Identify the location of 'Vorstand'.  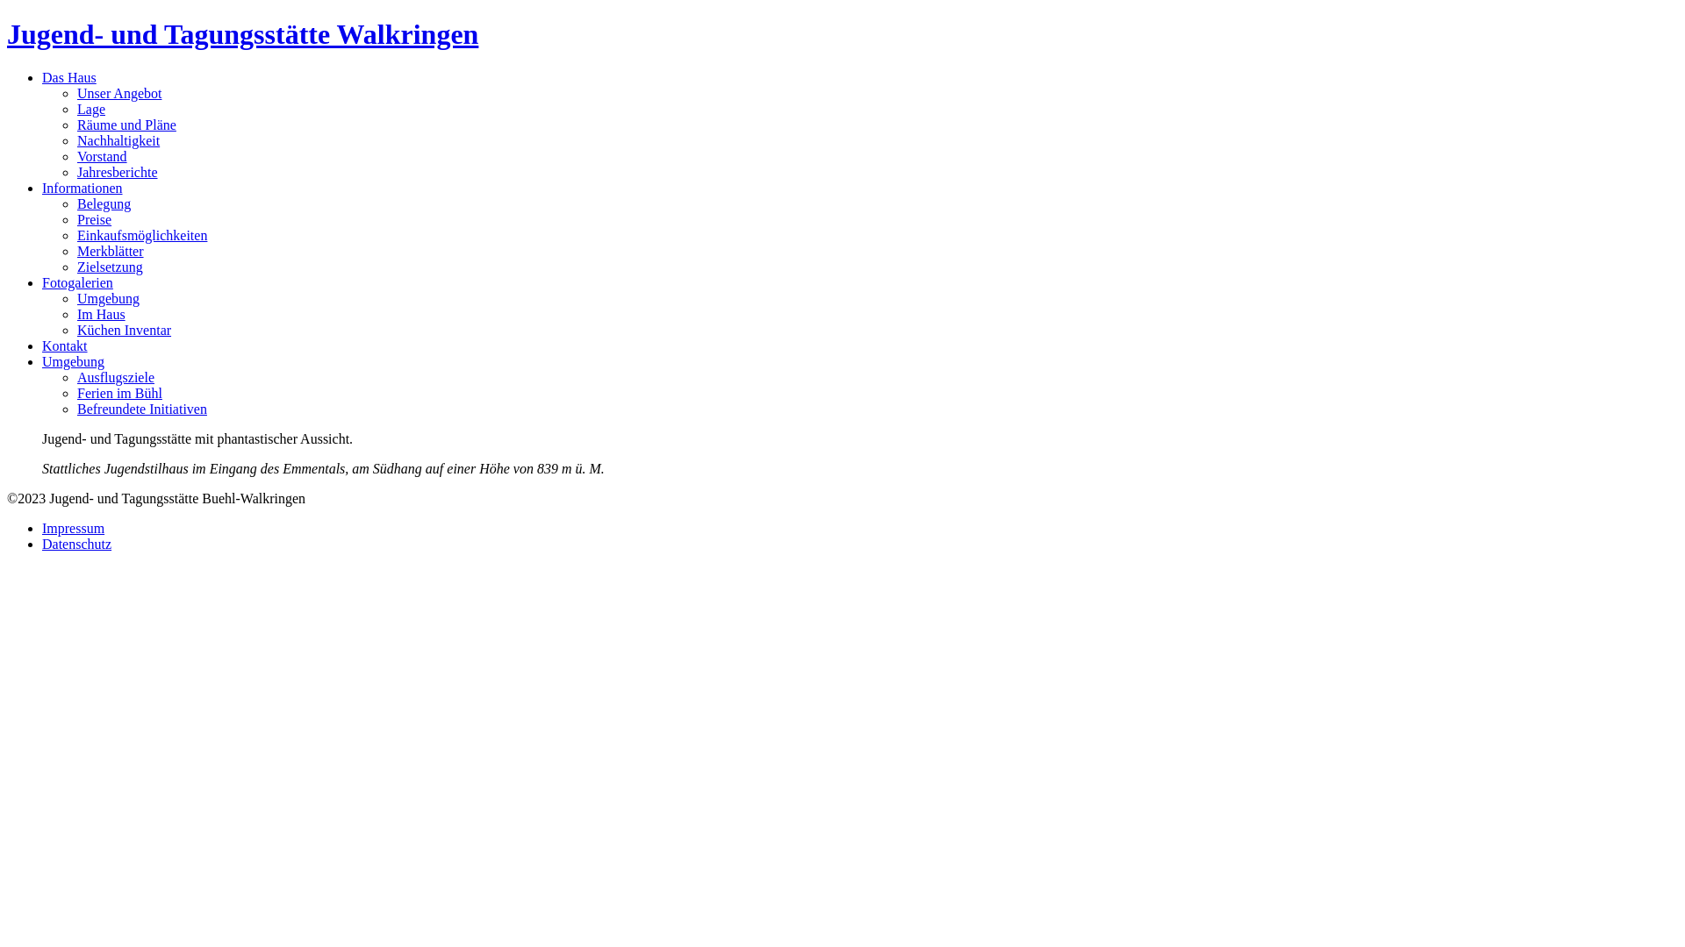
(75, 155).